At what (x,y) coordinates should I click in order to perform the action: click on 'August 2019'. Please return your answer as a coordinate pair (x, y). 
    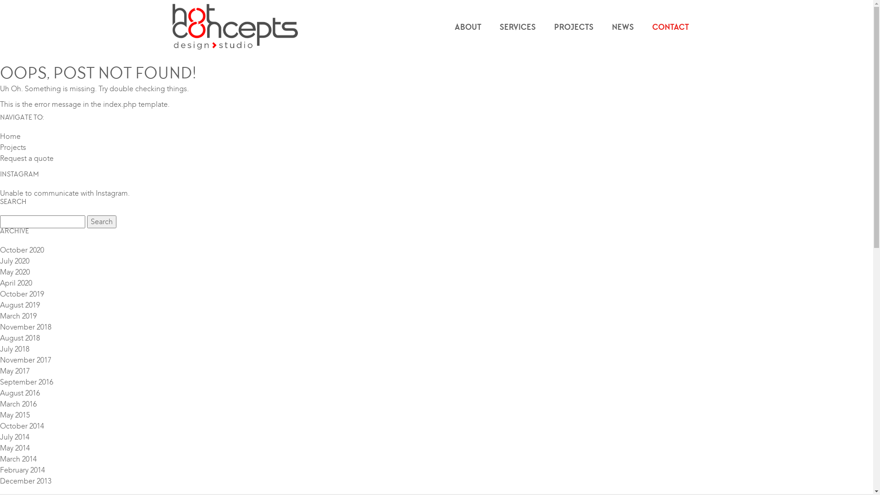
    Looking at the image, I should click on (20, 305).